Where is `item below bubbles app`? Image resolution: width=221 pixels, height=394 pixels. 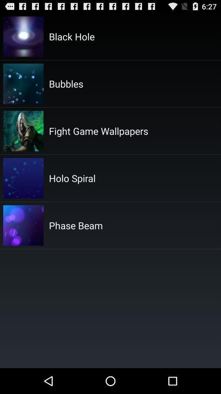
item below bubbles app is located at coordinates (98, 131).